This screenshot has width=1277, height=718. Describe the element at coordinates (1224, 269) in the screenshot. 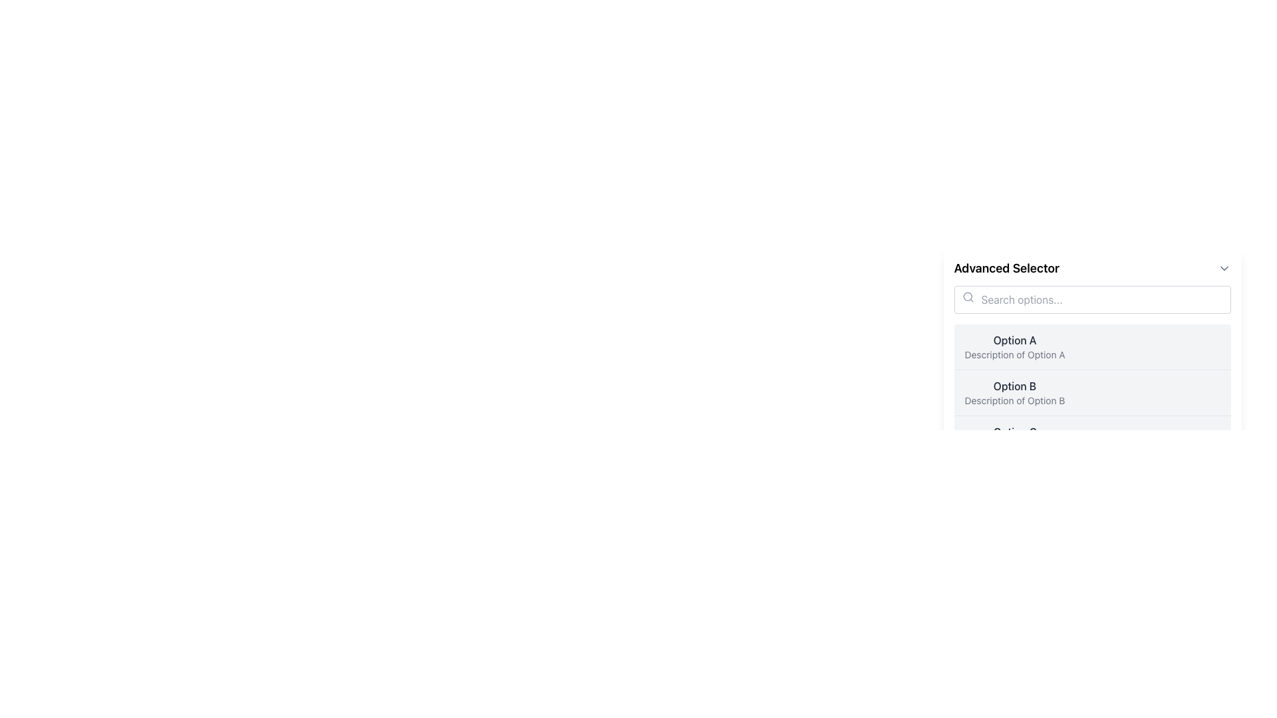

I see `the chevron-down icon located at the upper-right section of the dropdown control to change its color from muted gray to blue` at that location.